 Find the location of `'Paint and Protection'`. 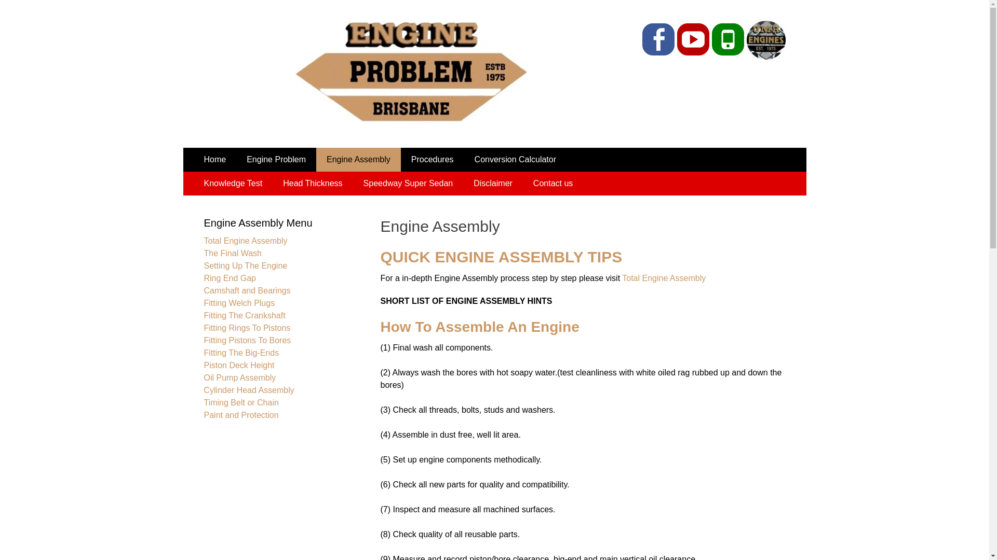

'Paint and Protection' is located at coordinates (240, 414).